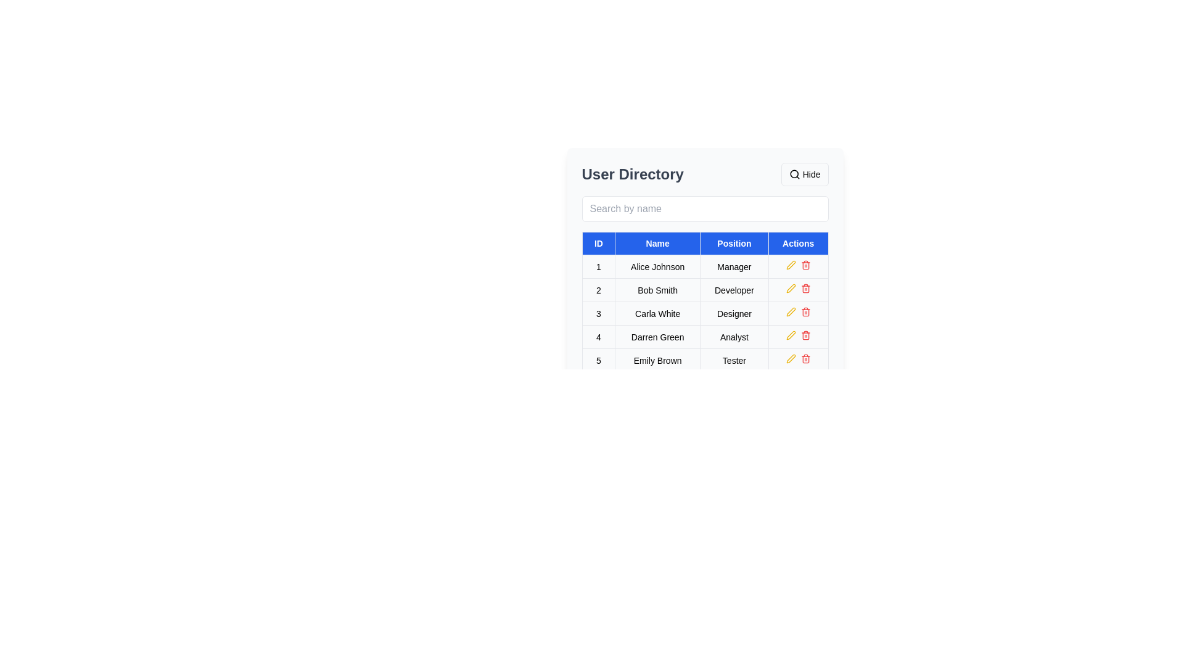 The image size is (1184, 666). I want to click on the table cell that denotes the serial number of the corresponding row in the 'User Directory' data table, located in the fourth row and first column, so click(598, 337).